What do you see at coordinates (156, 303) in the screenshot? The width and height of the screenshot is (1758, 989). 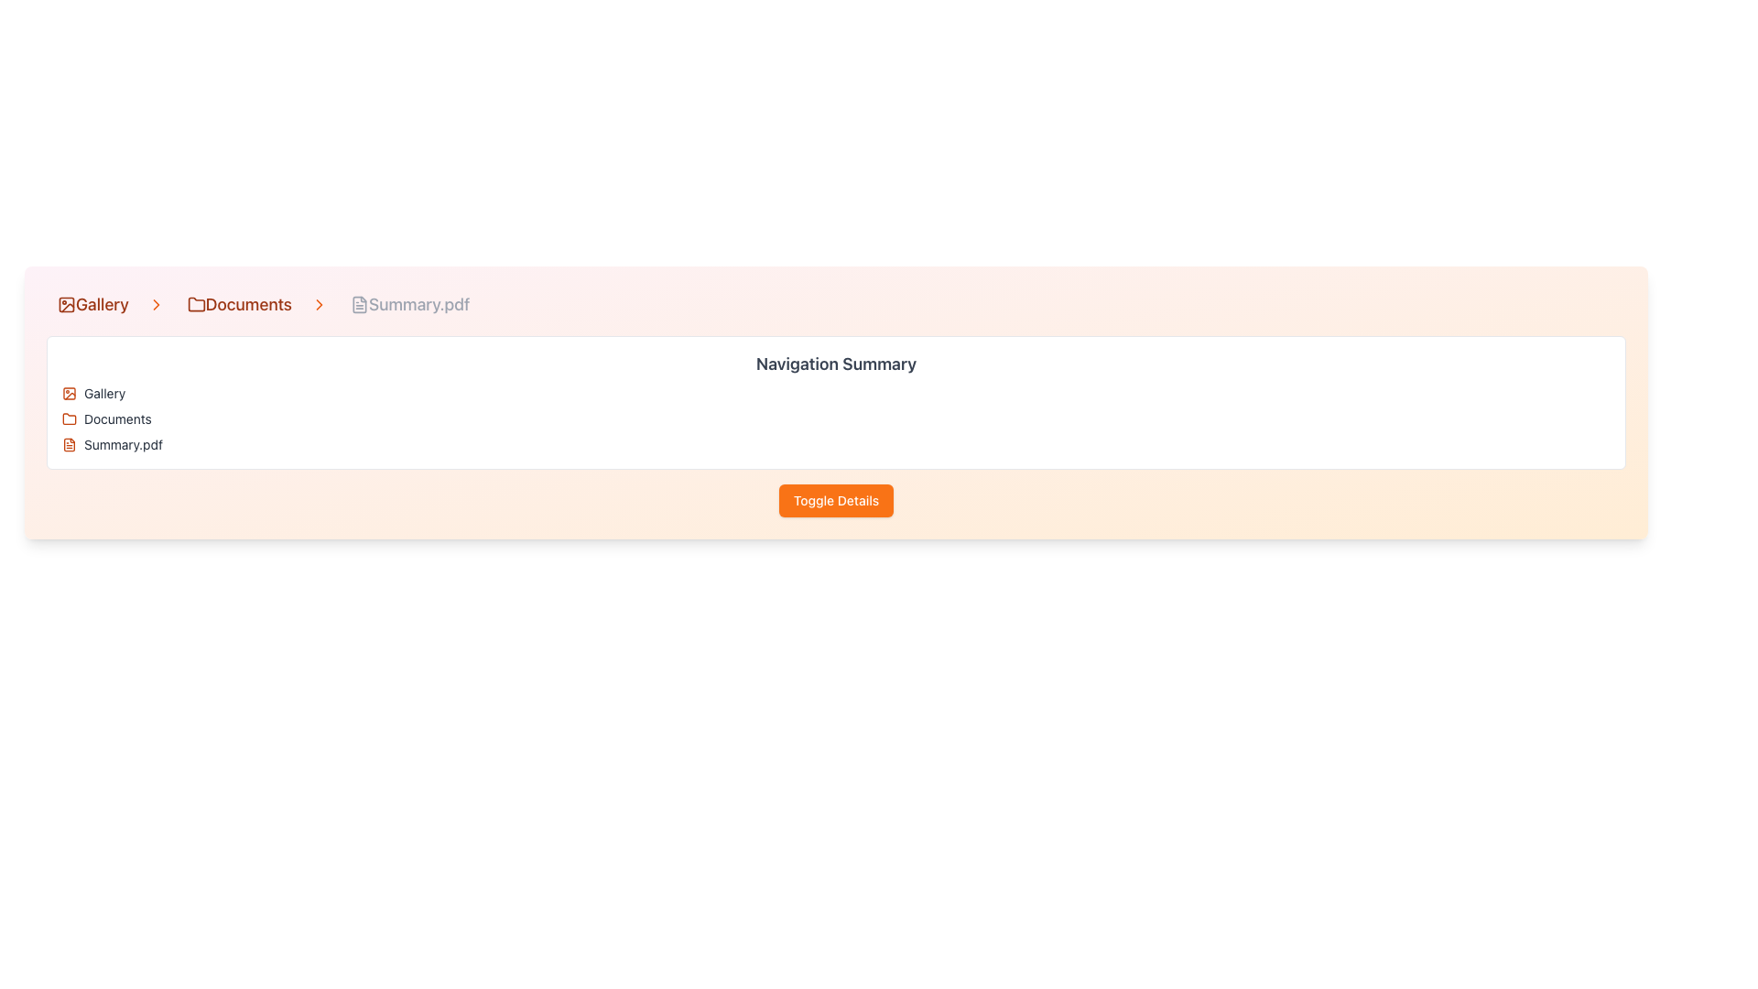 I see `the navigational separator icon in the breadcrumb trail between 'Gallery' and 'Documents'` at bounding box center [156, 303].